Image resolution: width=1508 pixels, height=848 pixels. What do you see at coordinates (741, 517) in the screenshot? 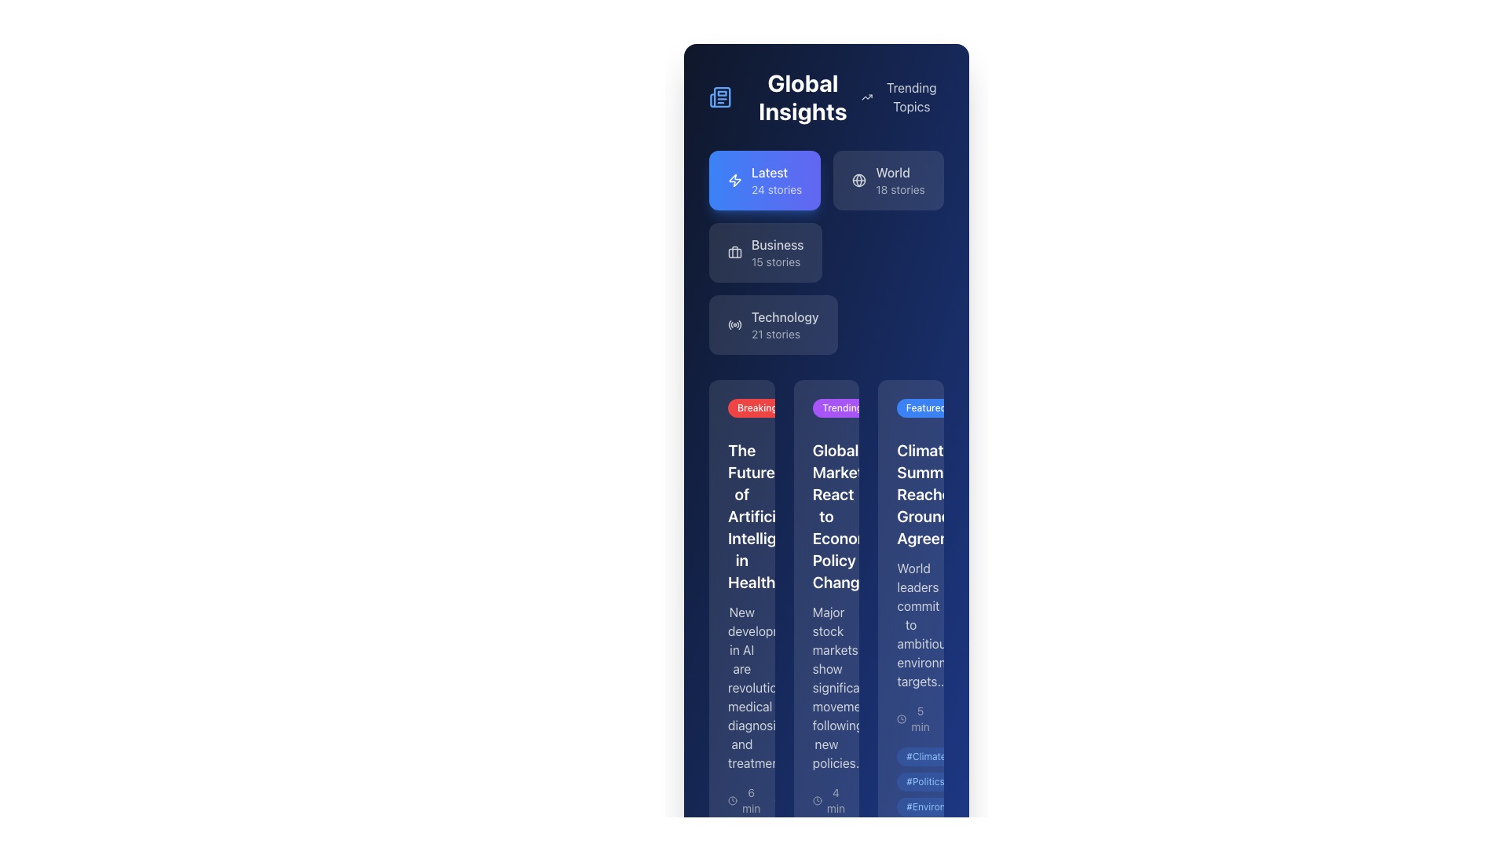
I see `the prominent headline text label 'The Future of Artificial Intelligence in Healthcare' to read the associated article` at bounding box center [741, 517].